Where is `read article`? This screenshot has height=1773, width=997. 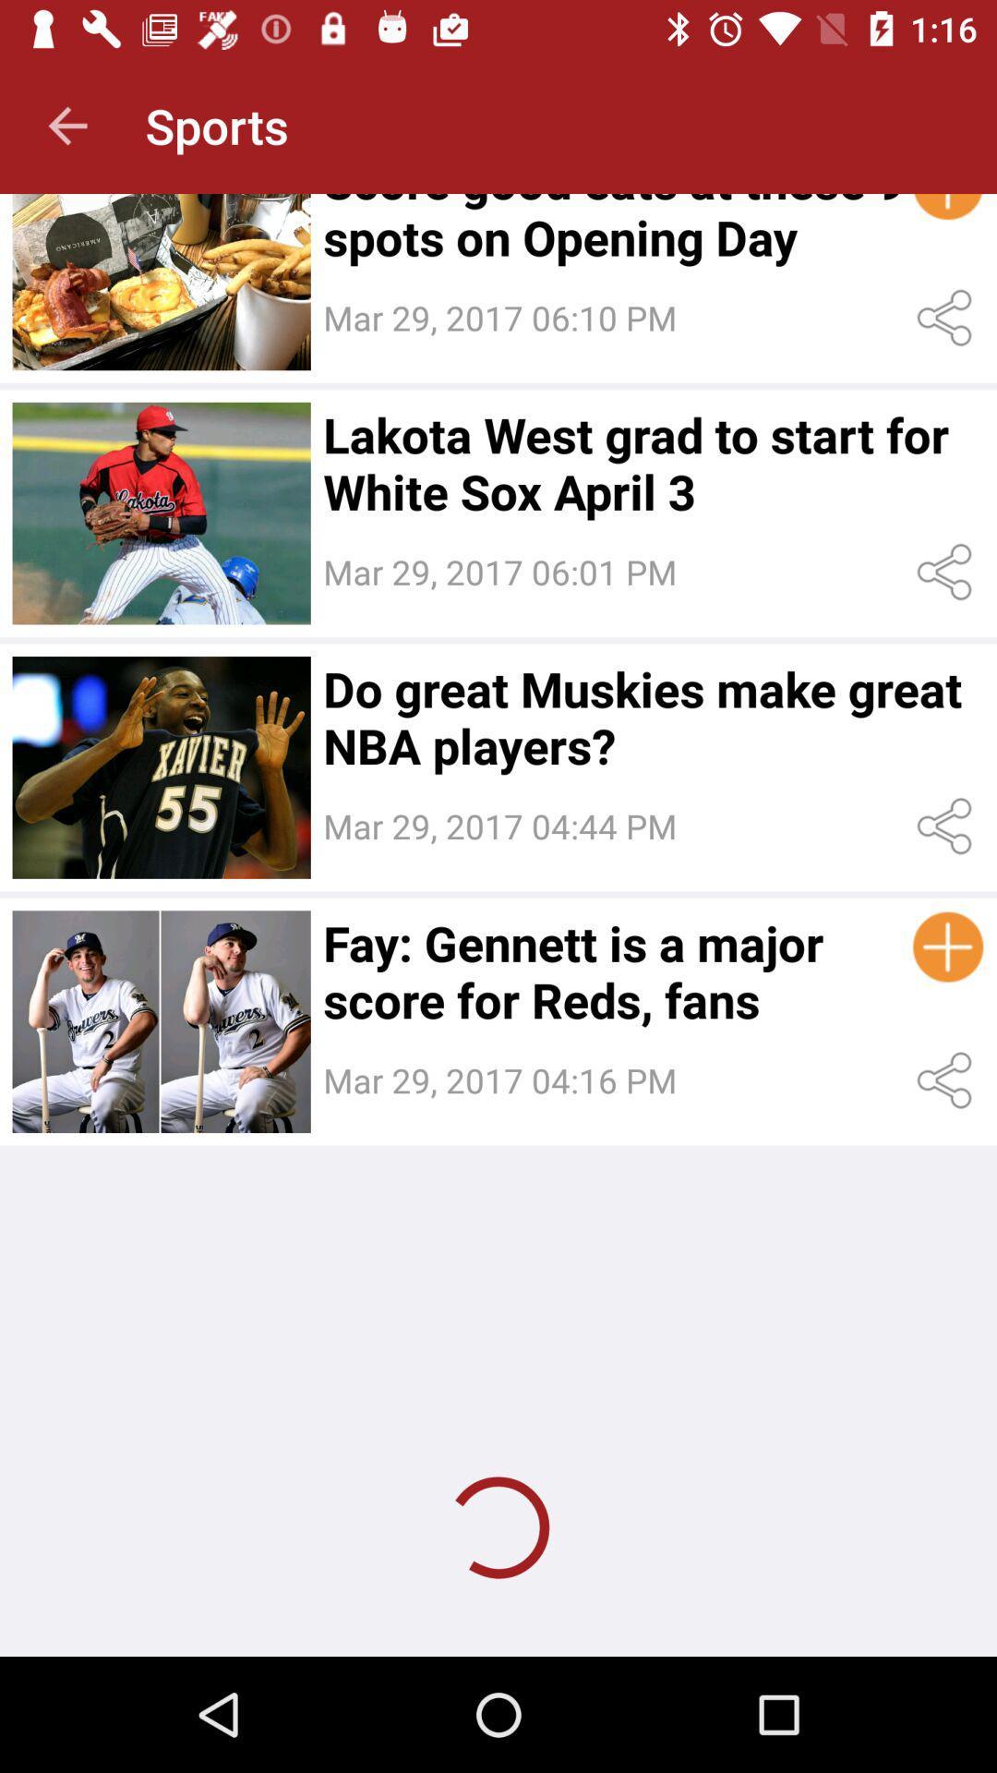
read article is located at coordinates (161, 513).